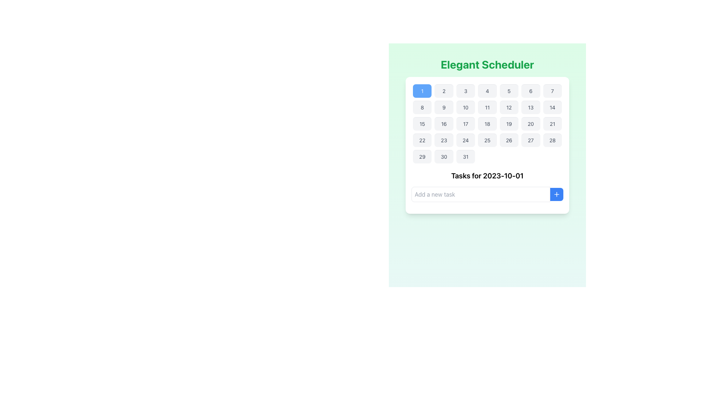  I want to click on the button representing the selectable date 20th, so click(530, 123).